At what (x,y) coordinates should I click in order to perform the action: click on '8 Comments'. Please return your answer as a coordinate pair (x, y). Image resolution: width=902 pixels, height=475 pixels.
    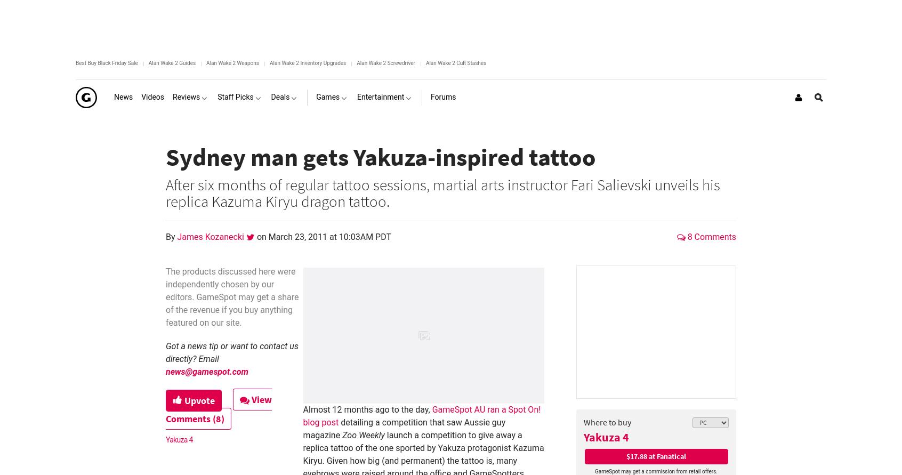
    Looking at the image, I should click on (710, 237).